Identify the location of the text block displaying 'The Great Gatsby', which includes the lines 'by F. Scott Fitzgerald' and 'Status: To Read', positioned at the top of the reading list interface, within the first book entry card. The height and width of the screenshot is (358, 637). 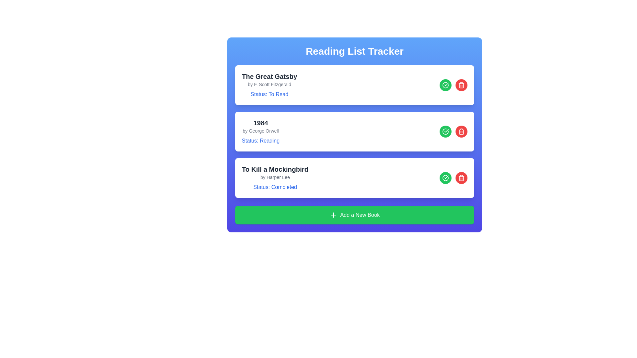
(269, 85).